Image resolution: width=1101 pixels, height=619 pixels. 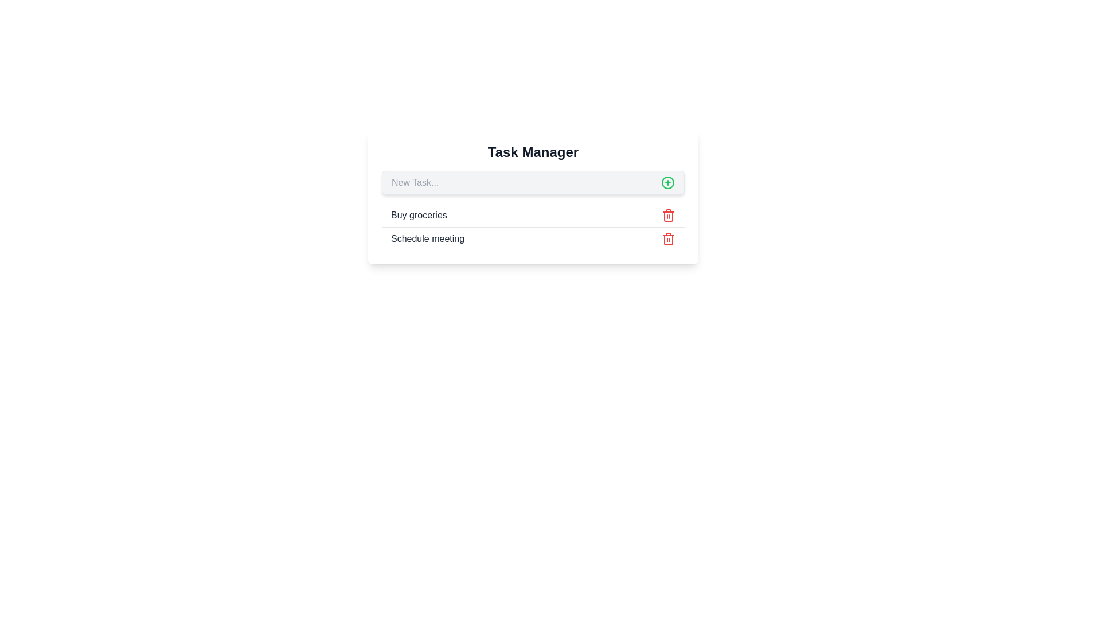 What do you see at coordinates (668, 182) in the screenshot?
I see `the green circular button with a plus sign` at bounding box center [668, 182].